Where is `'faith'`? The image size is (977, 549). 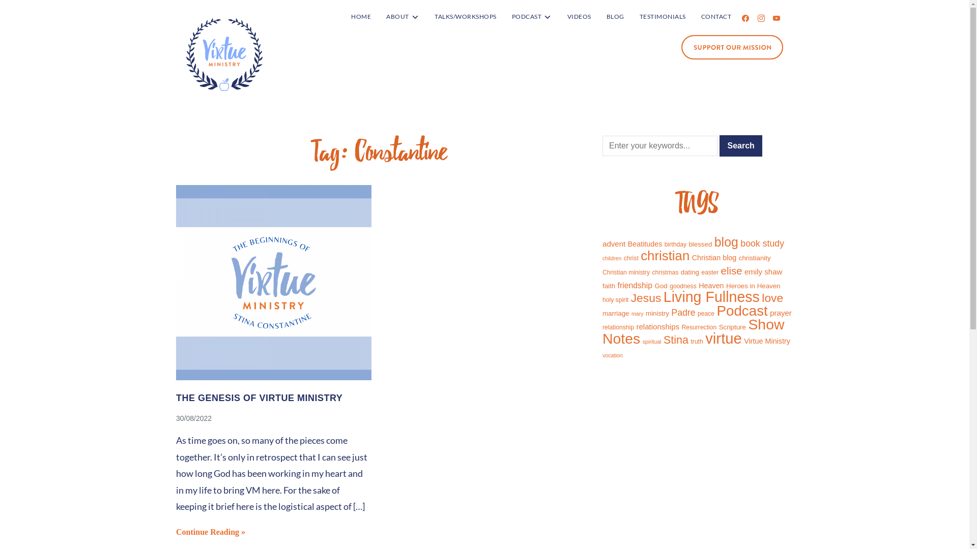 'faith' is located at coordinates (602, 286).